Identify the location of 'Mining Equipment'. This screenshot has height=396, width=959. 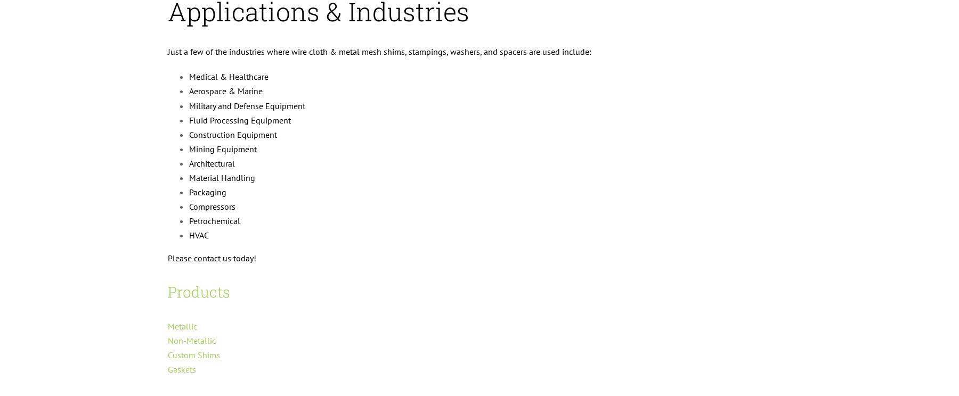
(223, 148).